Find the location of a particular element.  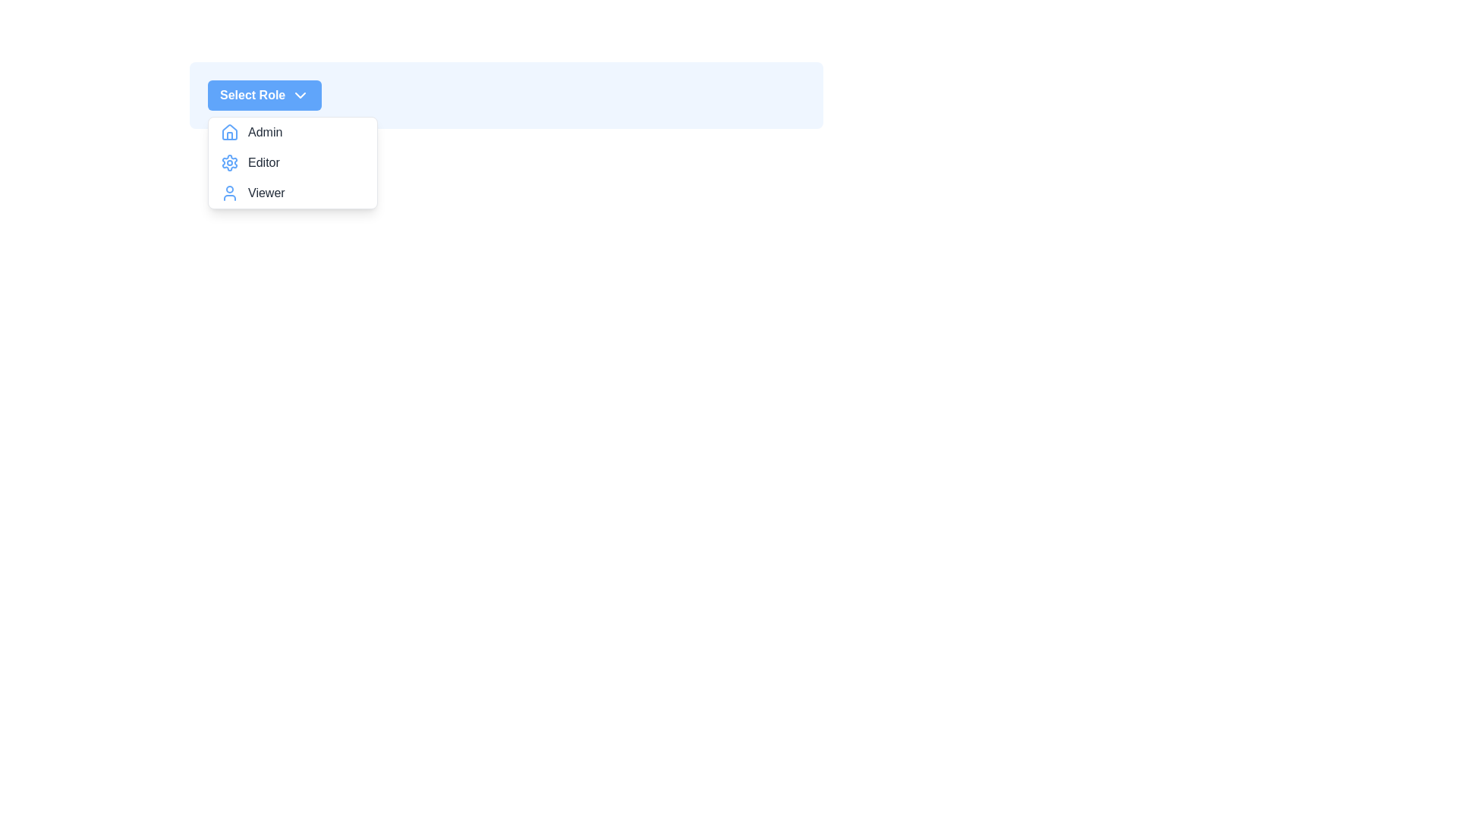

the role Admin from the dropdown menu is located at coordinates (292, 131).